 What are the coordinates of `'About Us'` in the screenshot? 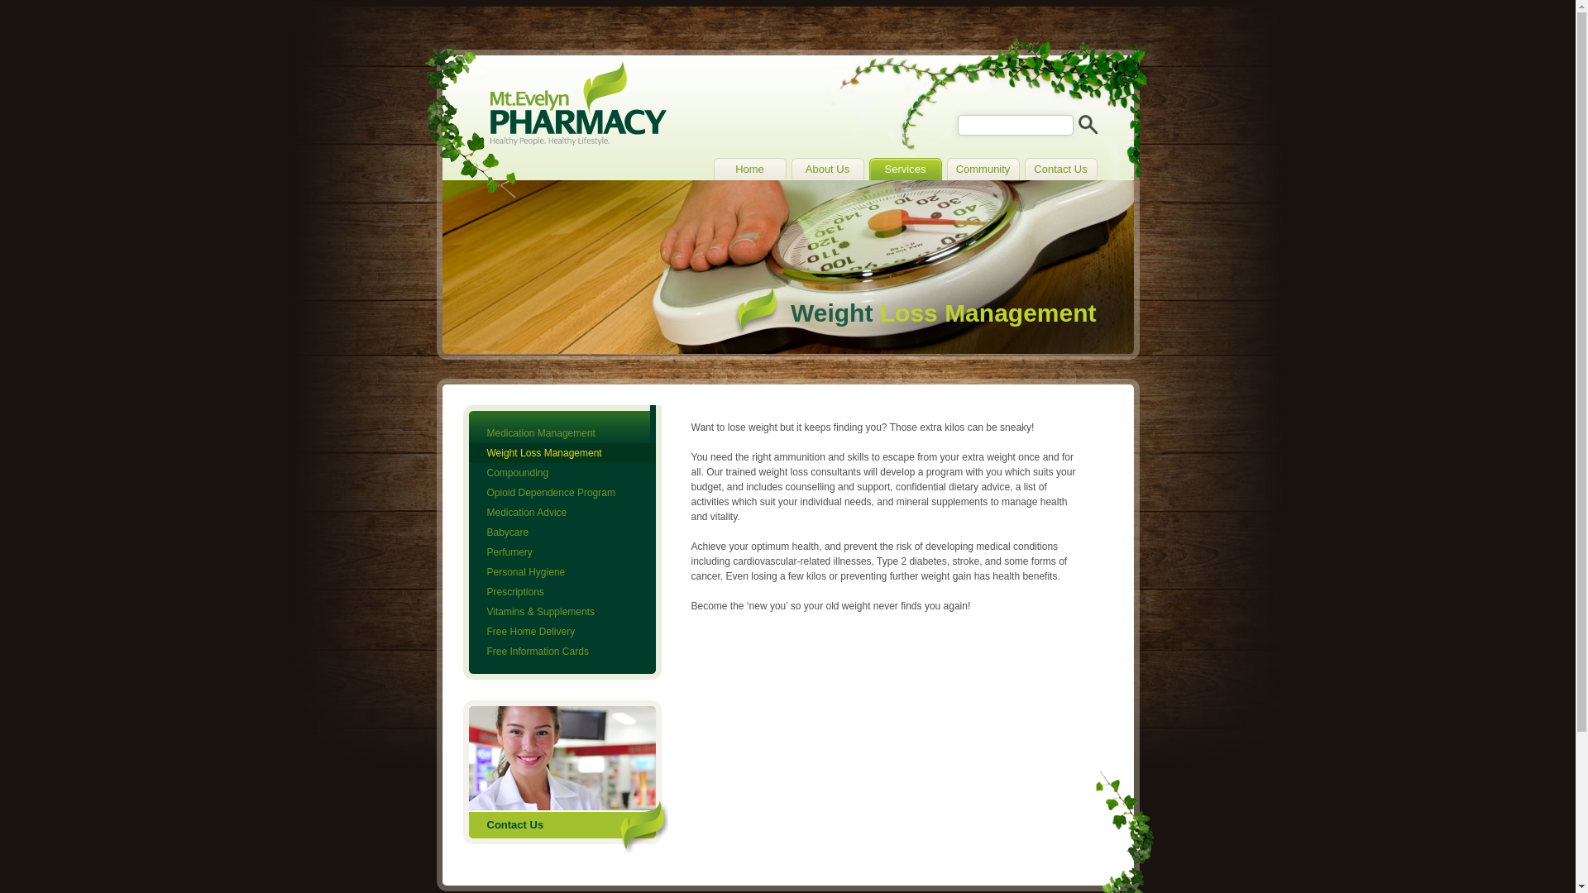 It's located at (789, 169).